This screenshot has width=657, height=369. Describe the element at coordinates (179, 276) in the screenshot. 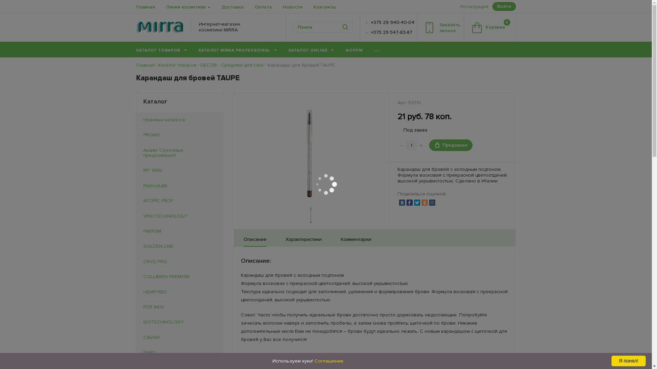

I see `'COLLAGEN PREMIUM'` at that location.